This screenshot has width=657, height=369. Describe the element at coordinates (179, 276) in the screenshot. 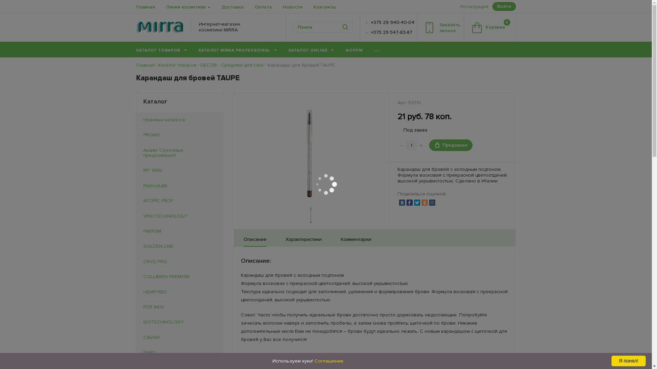

I see `'COLLAGEN PREMIUM'` at that location.